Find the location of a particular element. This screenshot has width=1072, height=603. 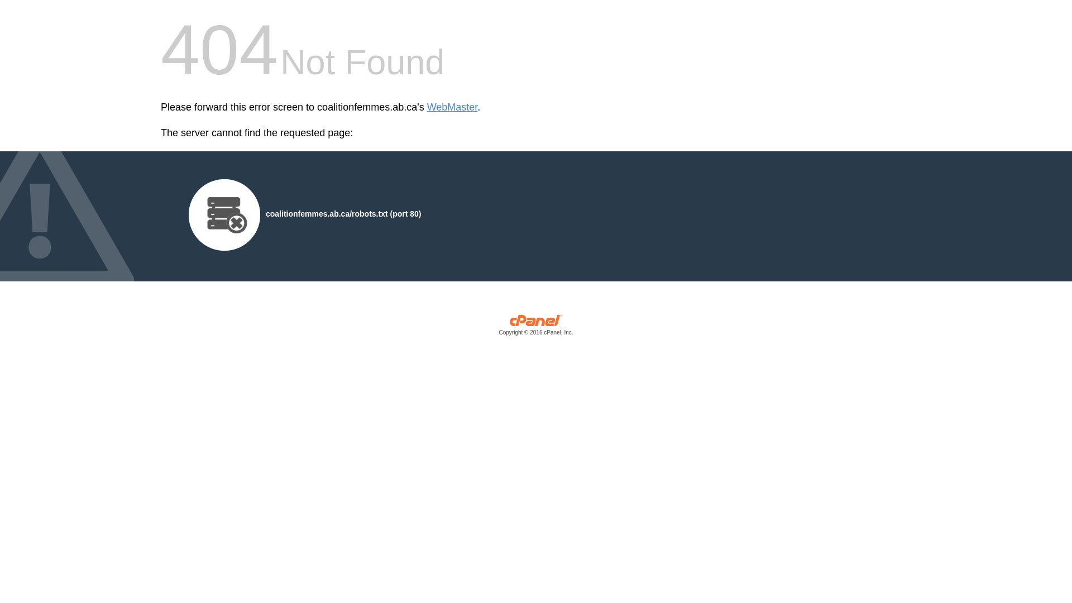

'WebMaster' is located at coordinates (426, 107).